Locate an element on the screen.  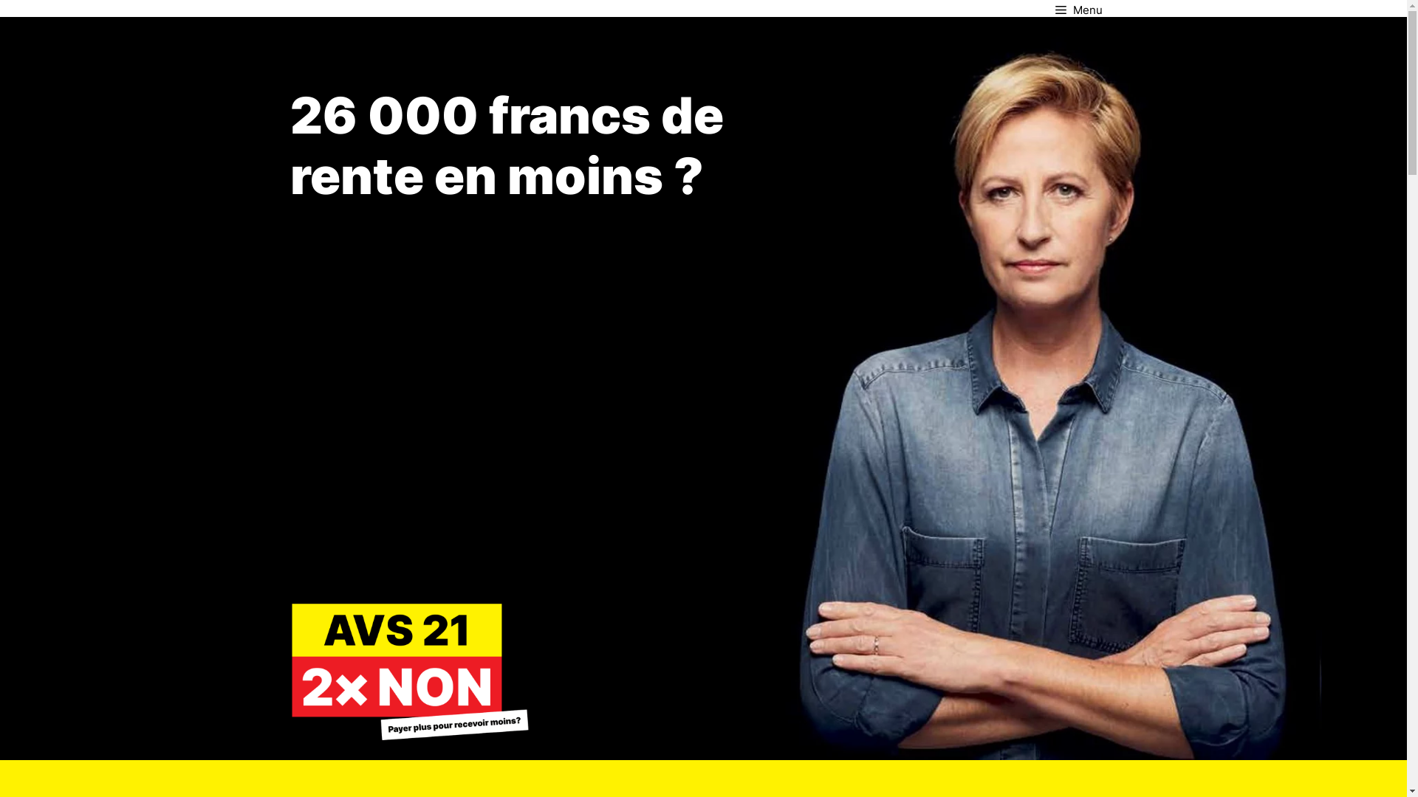
'Menu' is located at coordinates (1078, 8).